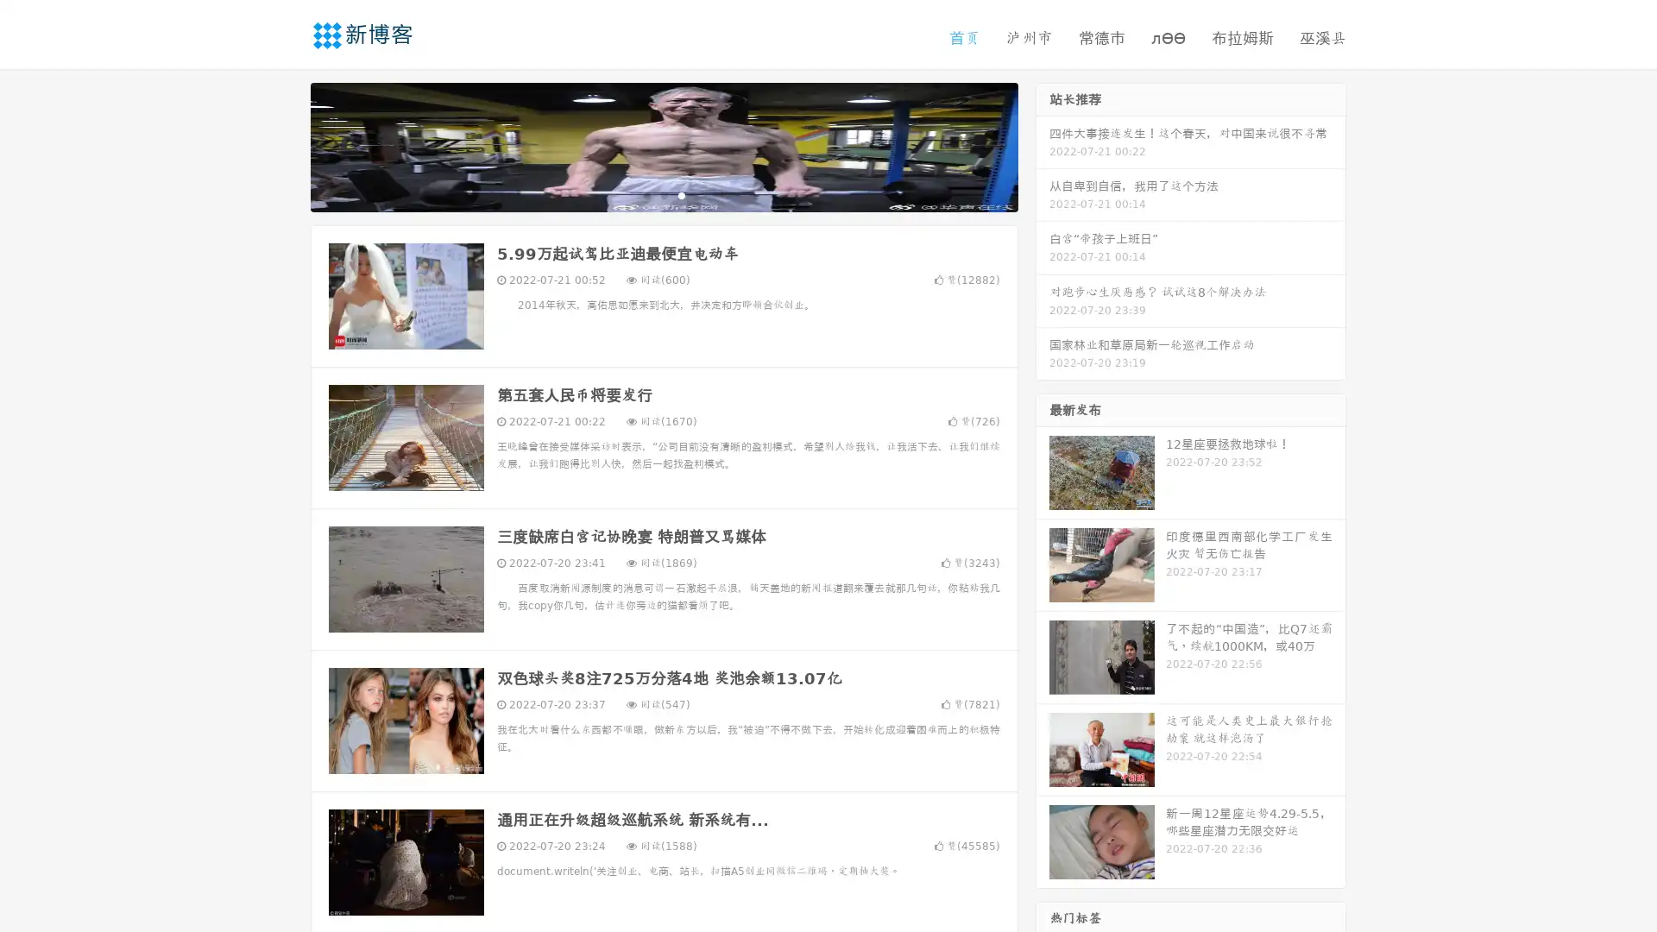 The image size is (1657, 932). Describe the element at coordinates (285, 145) in the screenshot. I see `Previous slide` at that location.